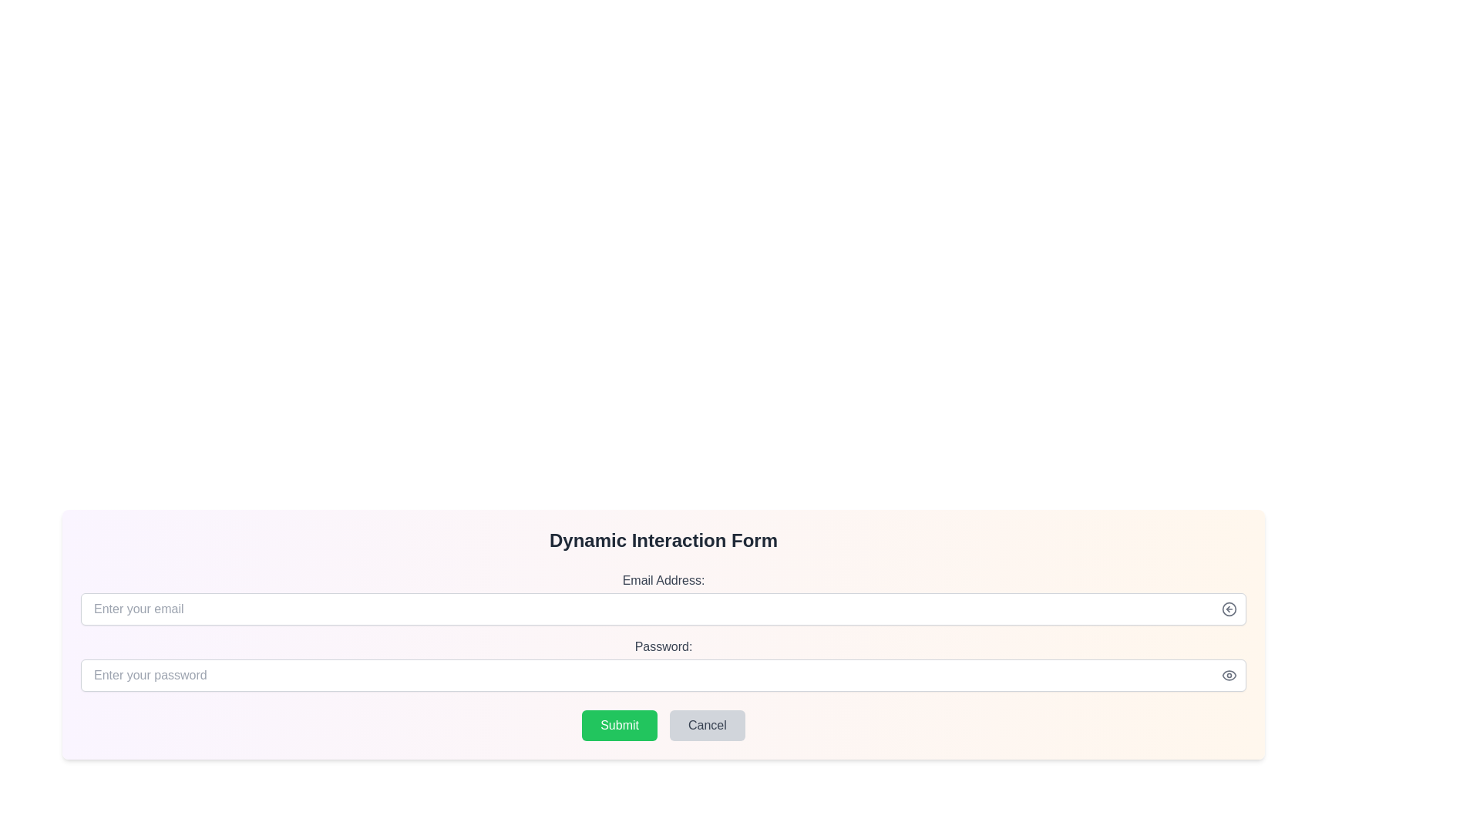 The height and width of the screenshot is (832, 1480). I want to click on the circular background element that serves as a decorative component for the left-pointing arrow icon, located at the far-right of the 'Email Address' input field, so click(1228, 608).